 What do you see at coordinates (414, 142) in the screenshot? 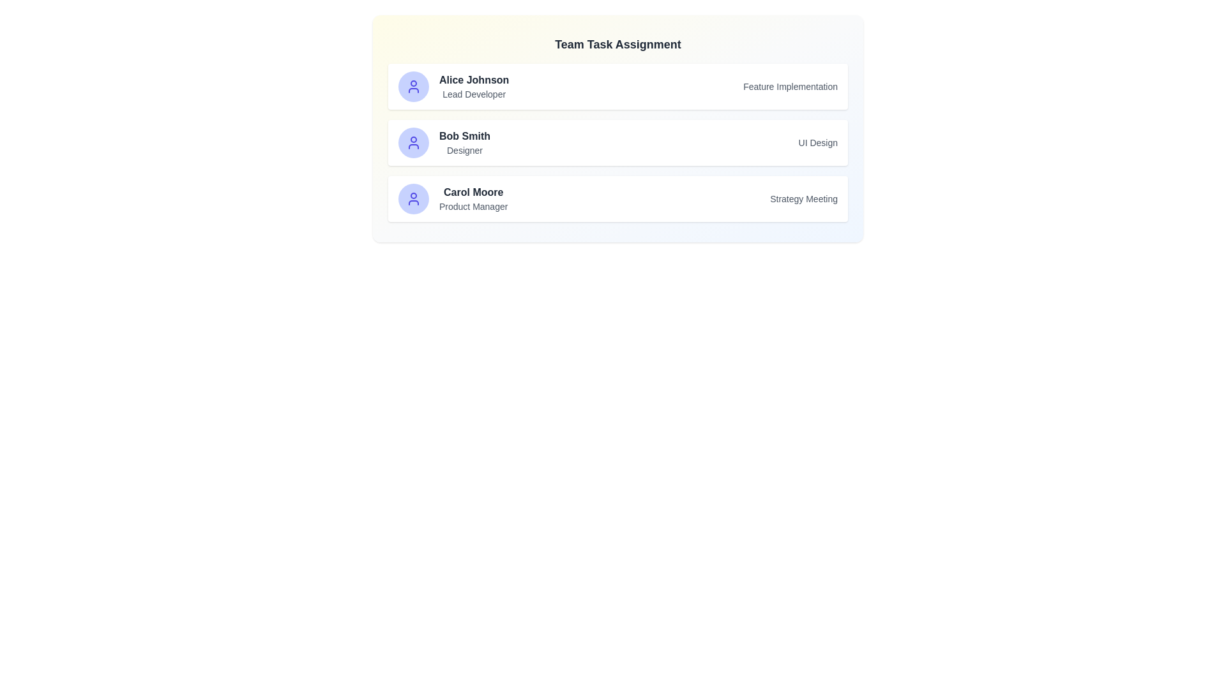
I see `the second SVG icon representing a user, located beside 'Bob Smith' in the task assignment list` at bounding box center [414, 142].